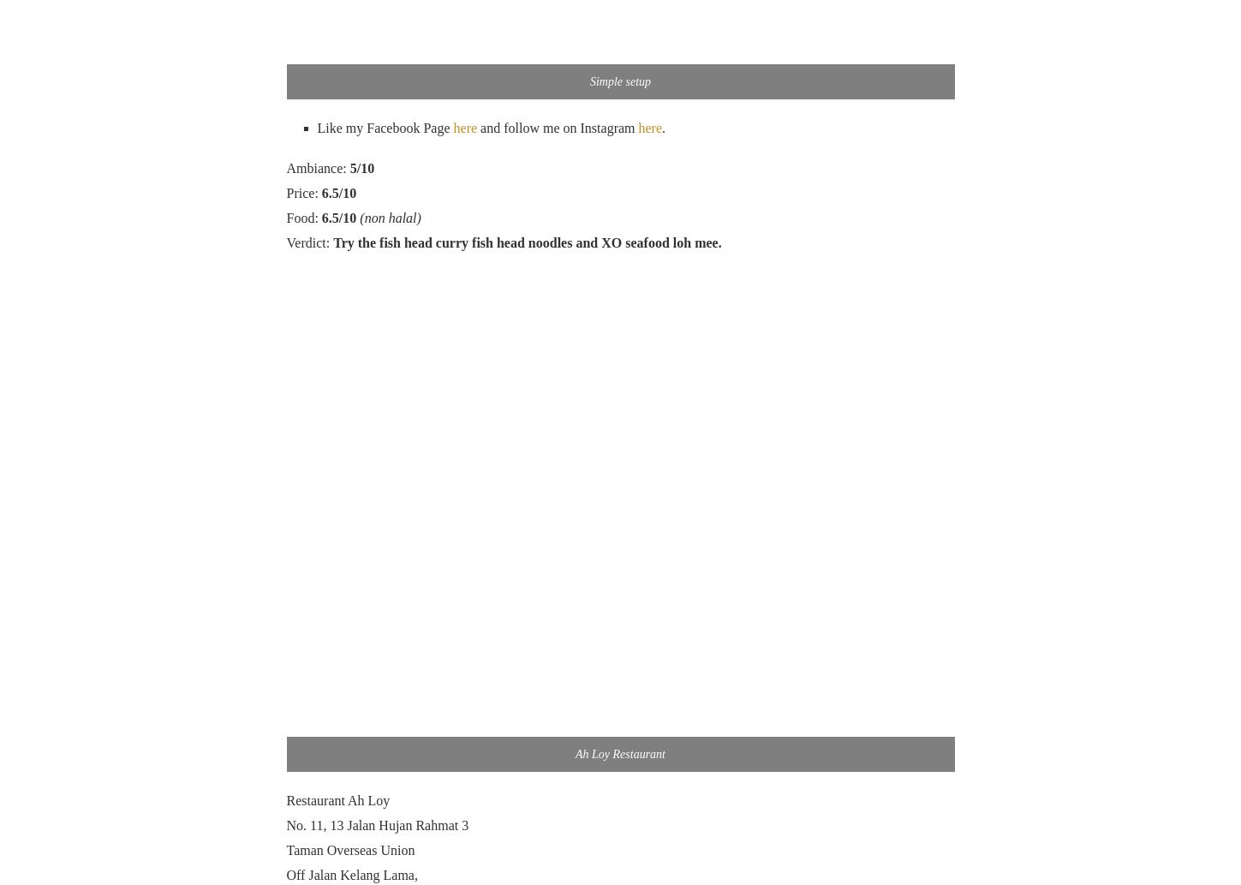  I want to click on '.', so click(663, 128).